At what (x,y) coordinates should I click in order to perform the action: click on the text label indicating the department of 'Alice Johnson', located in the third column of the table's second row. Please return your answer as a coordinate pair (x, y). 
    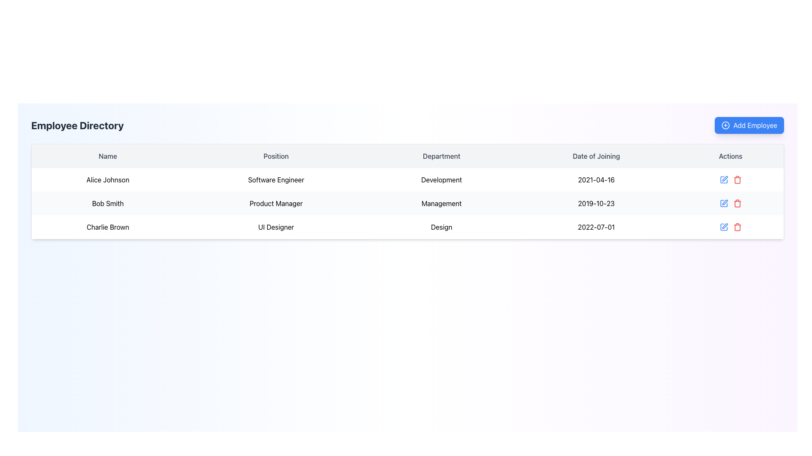
    Looking at the image, I should click on (441, 179).